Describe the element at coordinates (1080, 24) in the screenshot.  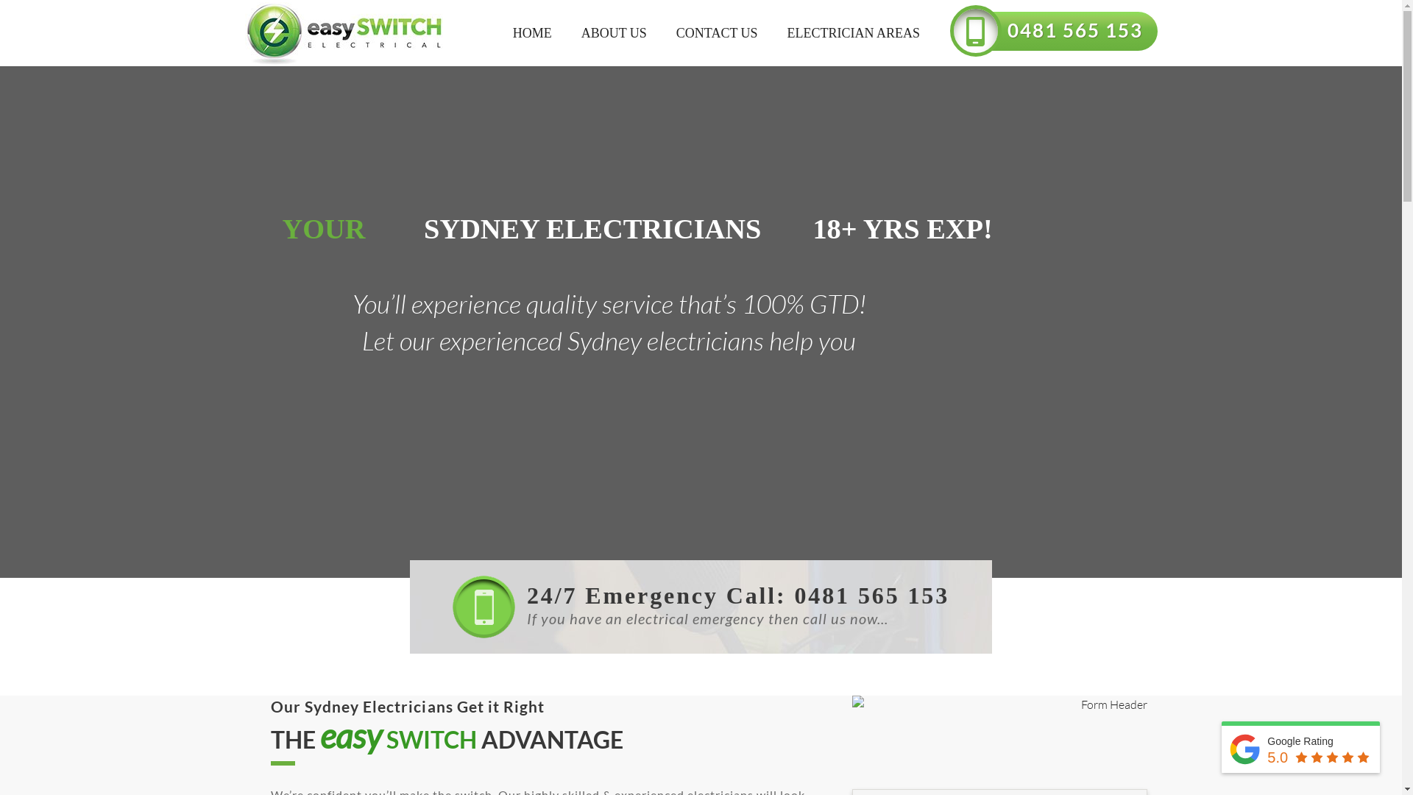
I see `'0481 565 153'` at that location.